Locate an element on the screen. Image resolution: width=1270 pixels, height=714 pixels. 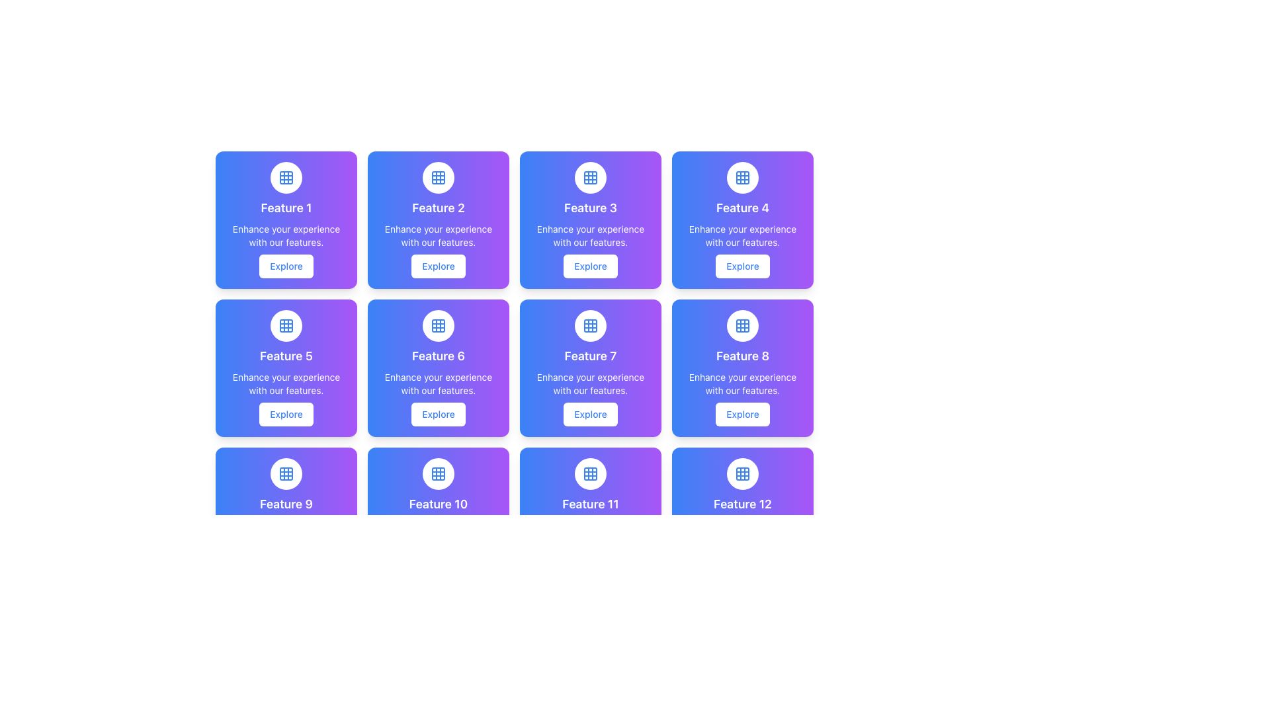
the 'Explore' button located at the bottom of the 'Feature 1' card is located at coordinates (285, 266).